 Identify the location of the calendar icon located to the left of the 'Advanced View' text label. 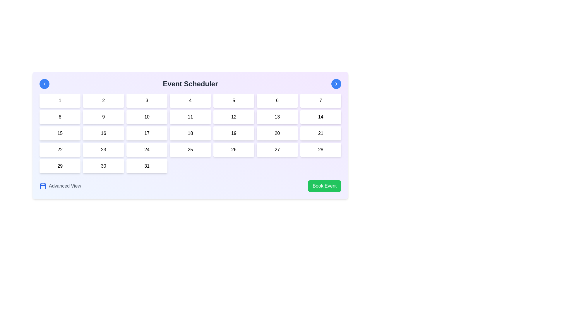
(43, 186).